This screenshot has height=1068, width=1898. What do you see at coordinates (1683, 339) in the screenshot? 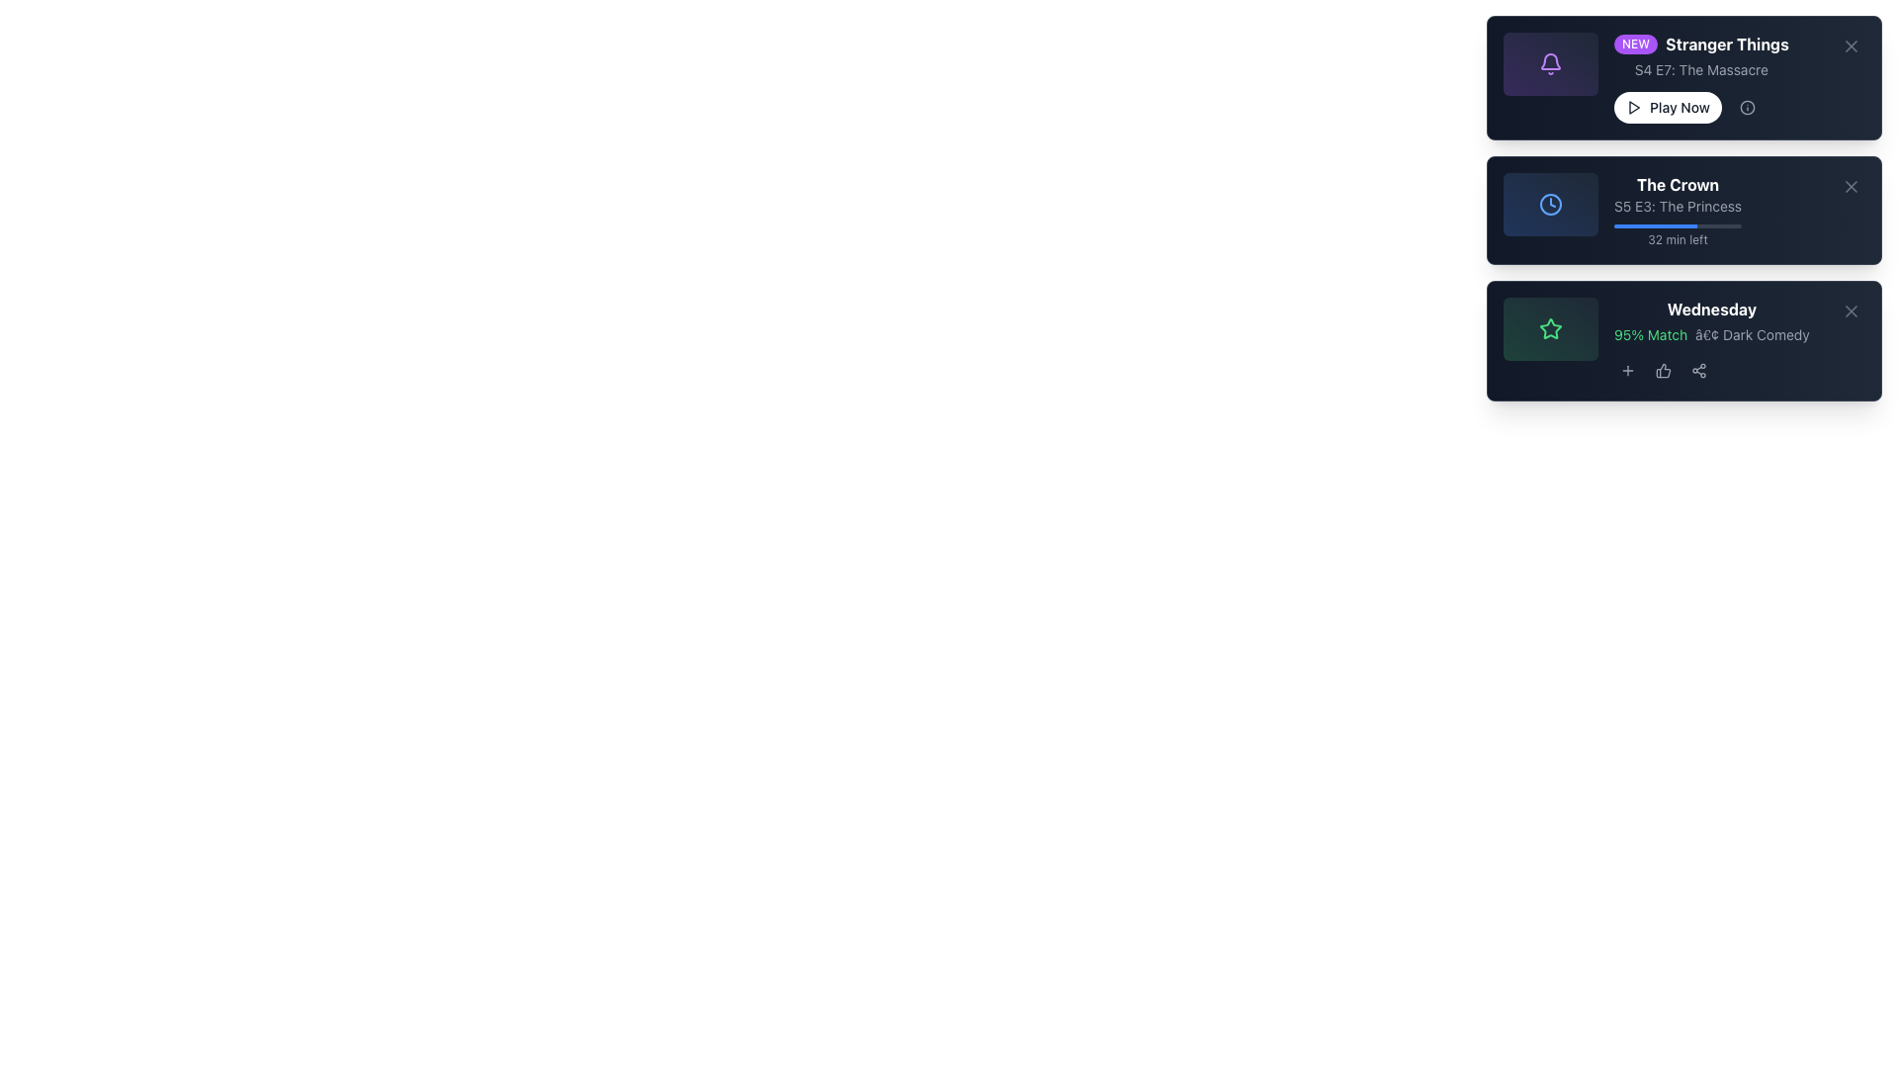
I see `the match percentage of the Content Preview Item displaying '95% match score'` at bounding box center [1683, 339].